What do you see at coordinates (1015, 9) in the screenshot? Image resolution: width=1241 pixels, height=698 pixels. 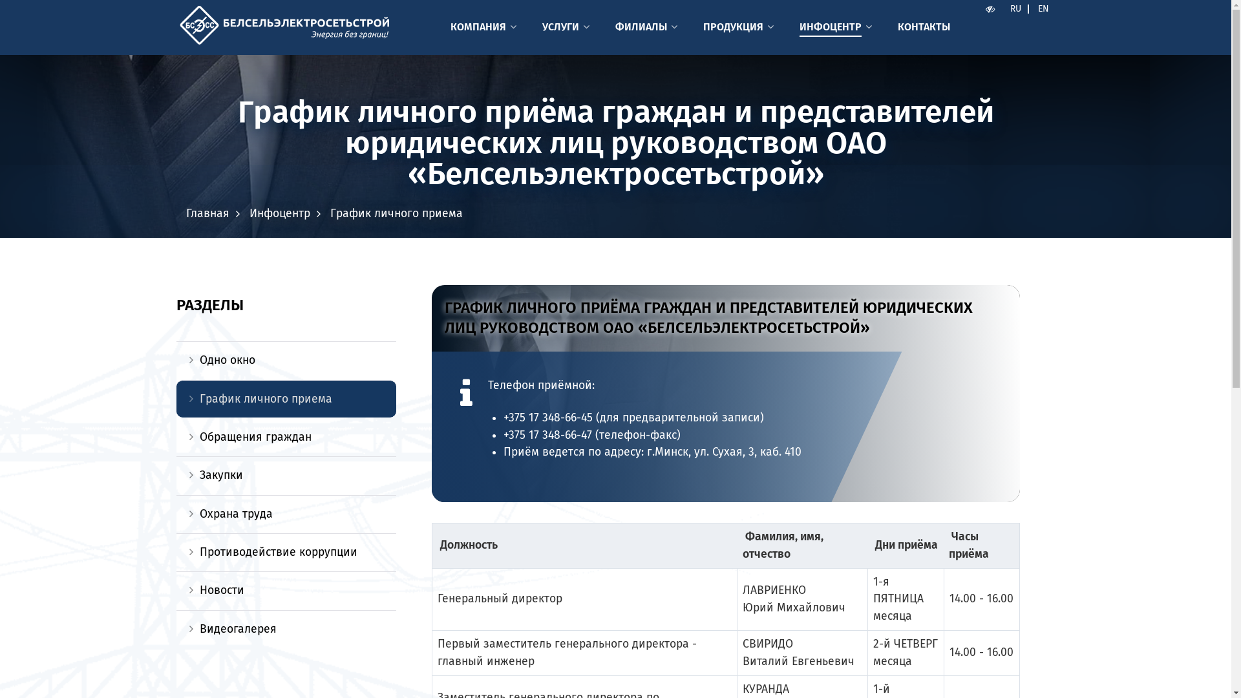 I see `'RU'` at bounding box center [1015, 9].